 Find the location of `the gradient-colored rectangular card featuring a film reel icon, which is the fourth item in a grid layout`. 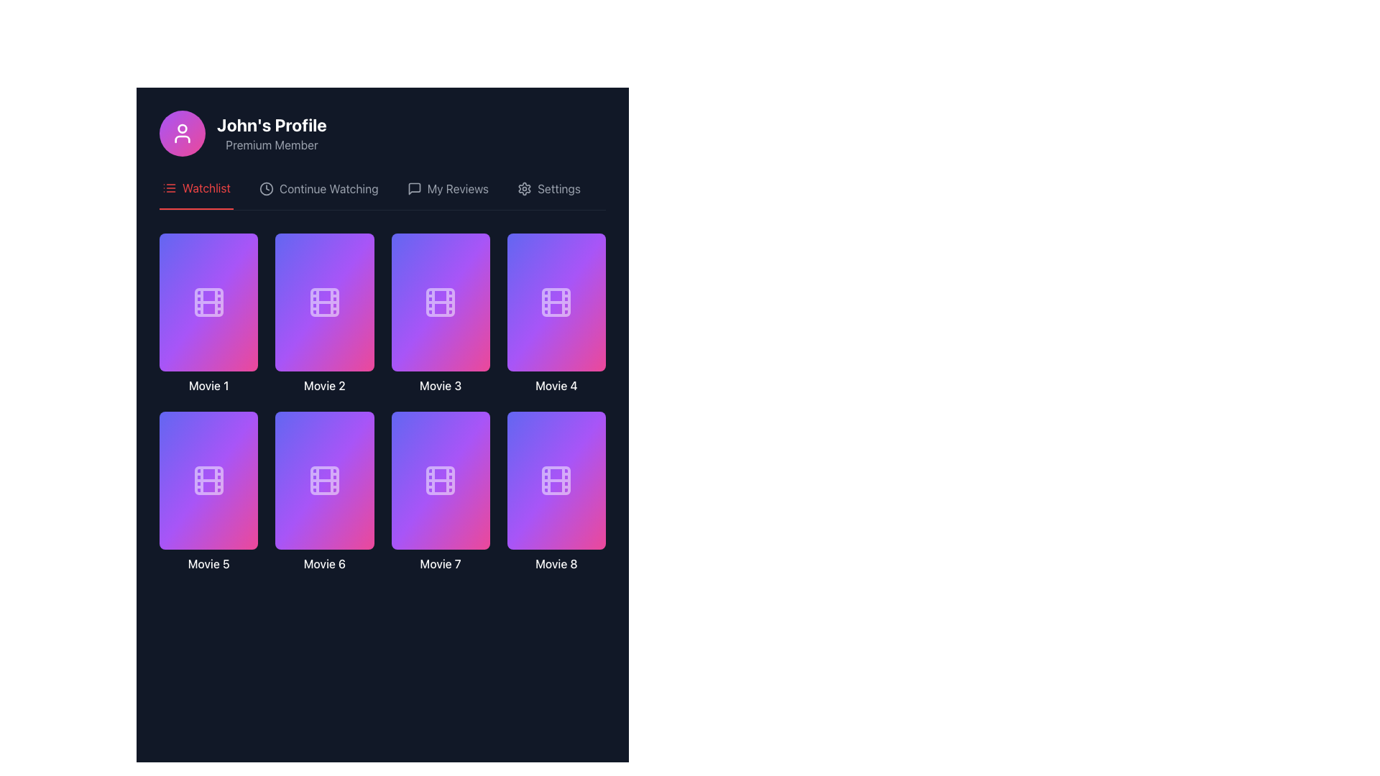

the gradient-colored rectangular card featuring a film reel icon, which is the fourth item in a grid layout is located at coordinates (556, 313).